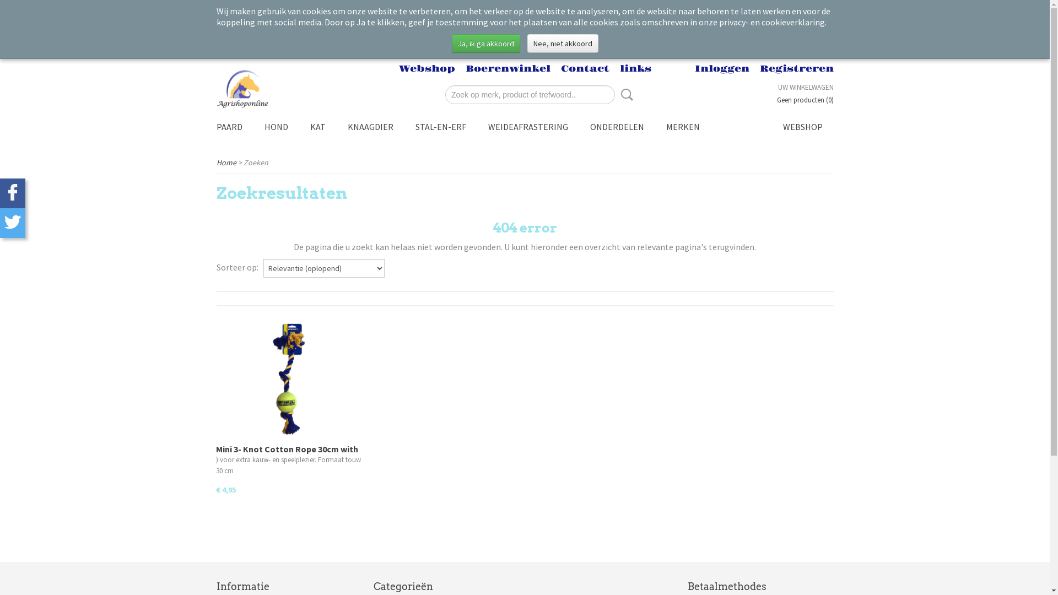 The image size is (1058, 595). Describe the element at coordinates (276, 126) in the screenshot. I see `'HOND'` at that location.